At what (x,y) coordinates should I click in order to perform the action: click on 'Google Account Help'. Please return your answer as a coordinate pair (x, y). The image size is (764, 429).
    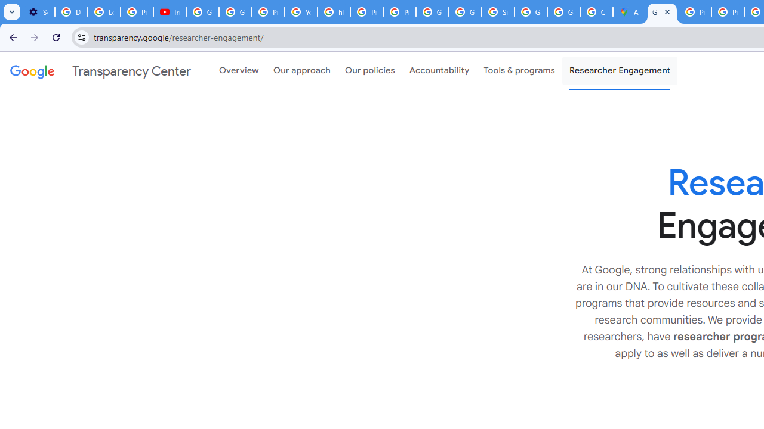
    Looking at the image, I should click on (202, 12).